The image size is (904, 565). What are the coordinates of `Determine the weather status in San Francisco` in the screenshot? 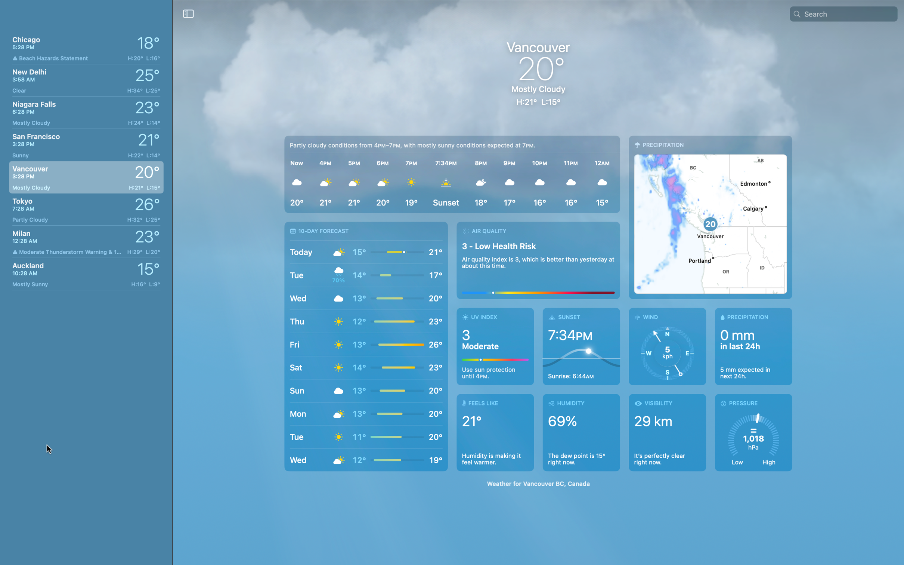 It's located at (84, 143).